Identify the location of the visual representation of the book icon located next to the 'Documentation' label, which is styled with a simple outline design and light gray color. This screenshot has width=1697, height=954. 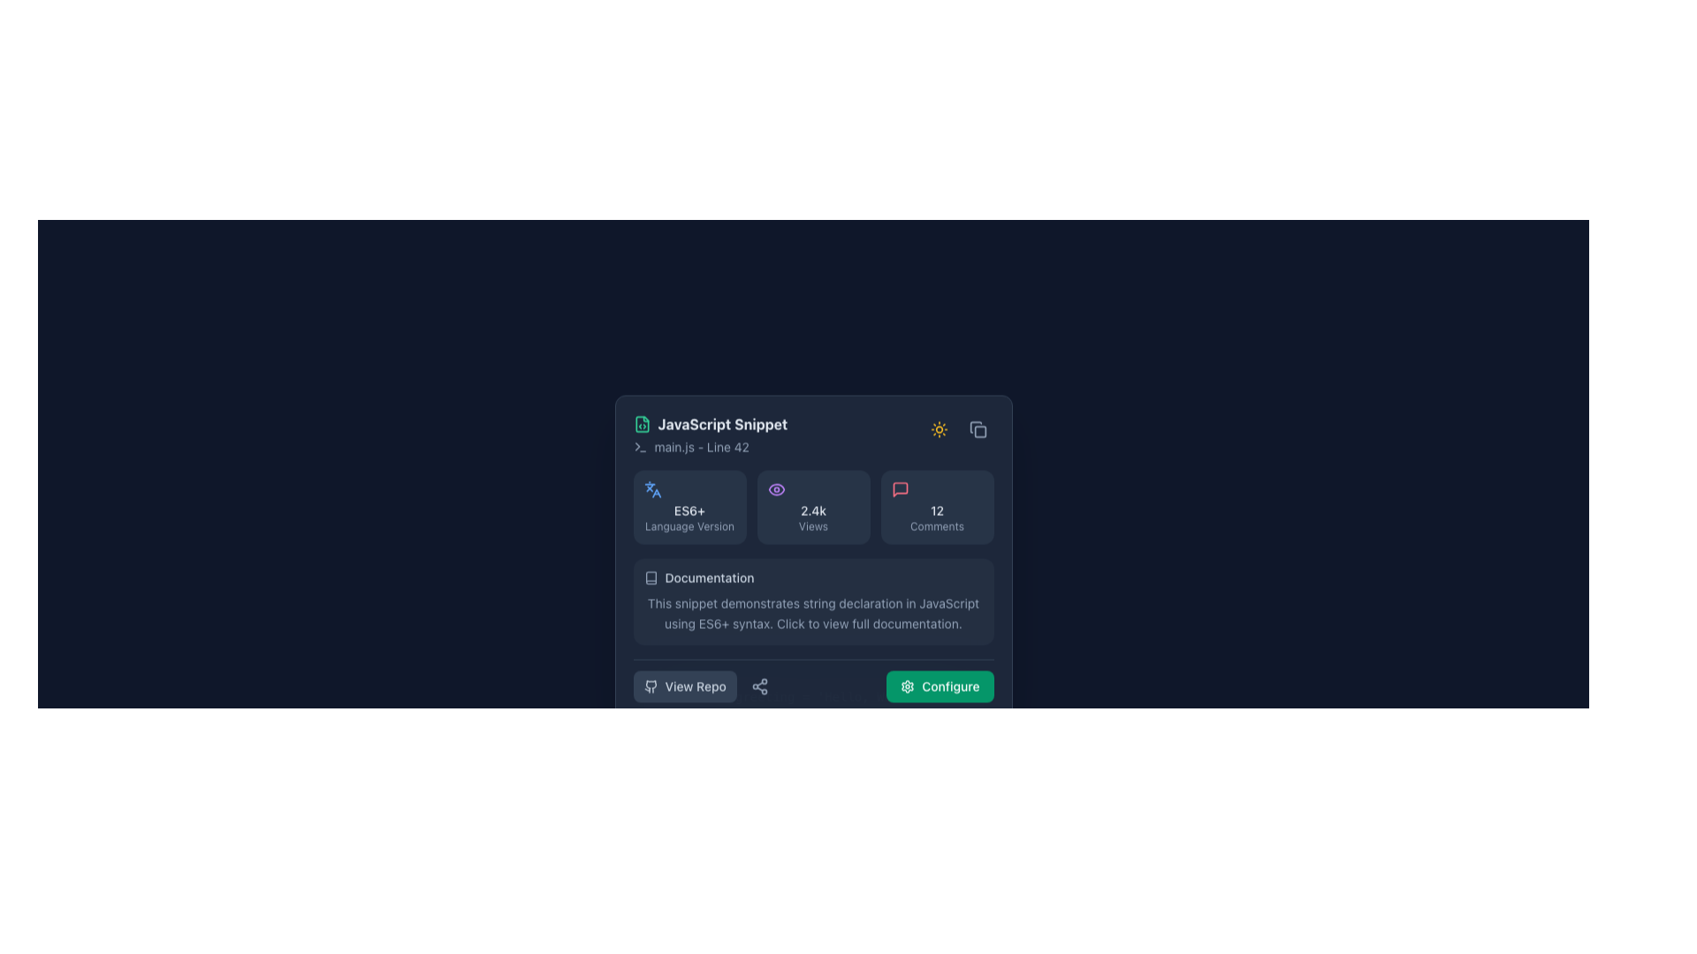
(650, 578).